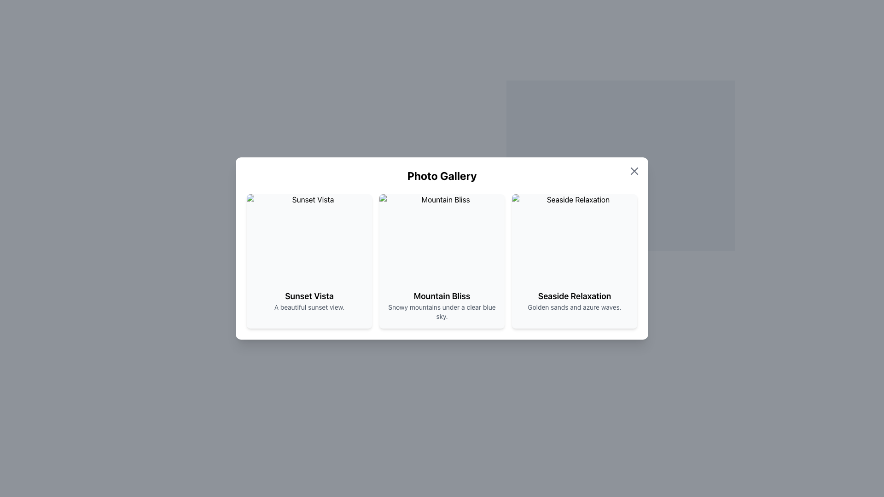 The image size is (884, 497). What do you see at coordinates (621, 328) in the screenshot?
I see `the button located at the bottom-right corner of the modal interface under the 'Seaside Relaxation' section` at bounding box center [621, 328].